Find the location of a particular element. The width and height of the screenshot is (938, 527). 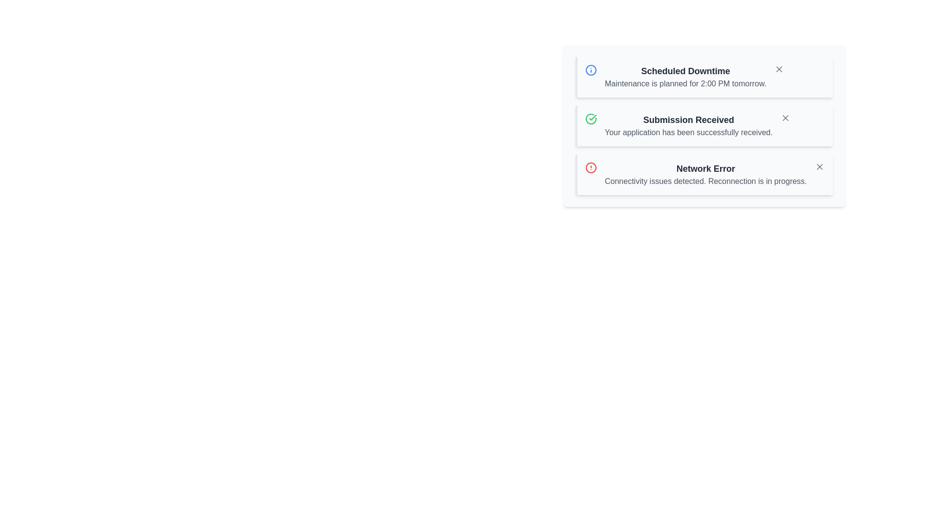

the circular icon with a blue outline and a smaller blue dot at the center, located on the far left of the topmost card titled 'Scheduled Downtime', which includes the description about planned maintenance is located at coordinates (590, 69).